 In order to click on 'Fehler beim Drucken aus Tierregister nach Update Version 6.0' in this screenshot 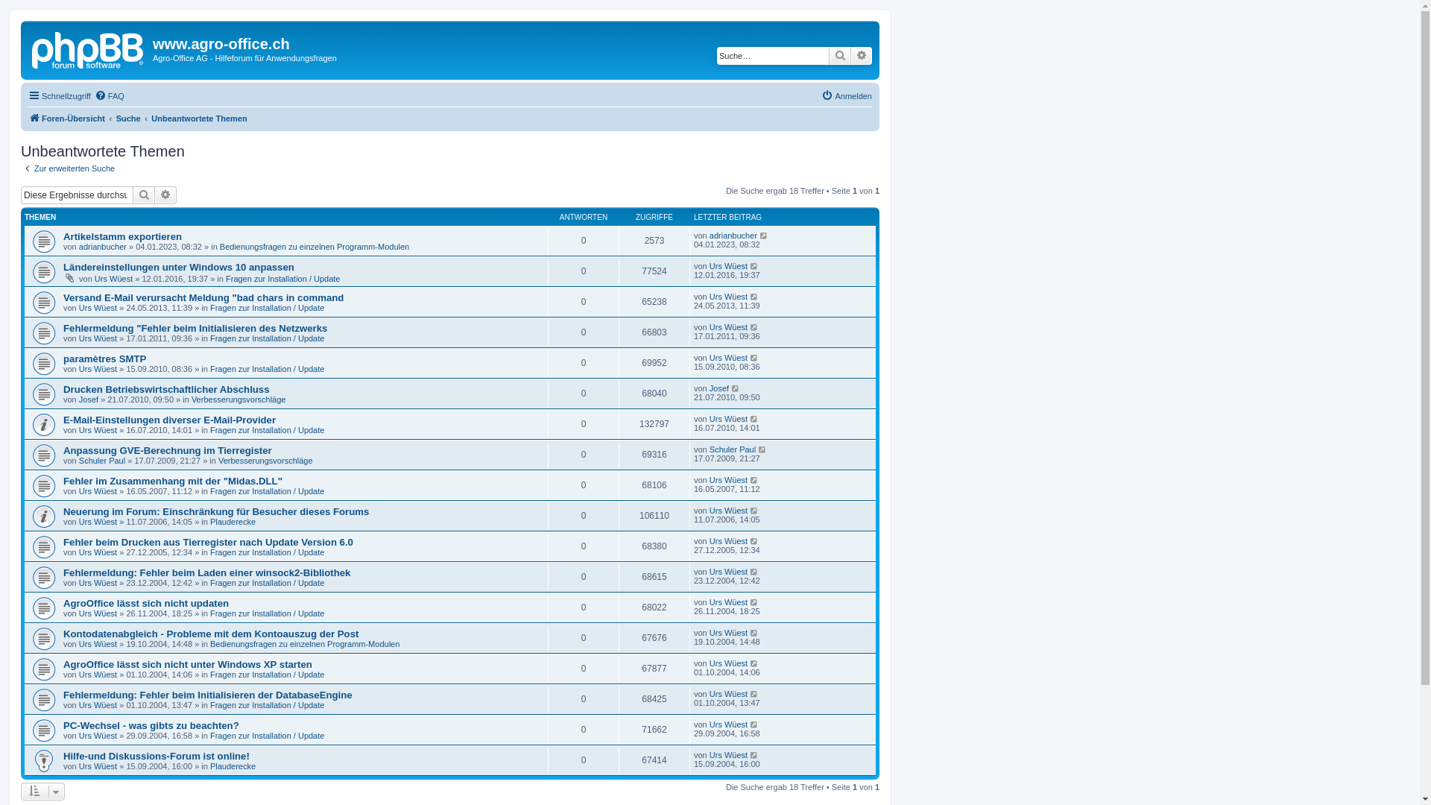, I will do `click(207, 542)`.